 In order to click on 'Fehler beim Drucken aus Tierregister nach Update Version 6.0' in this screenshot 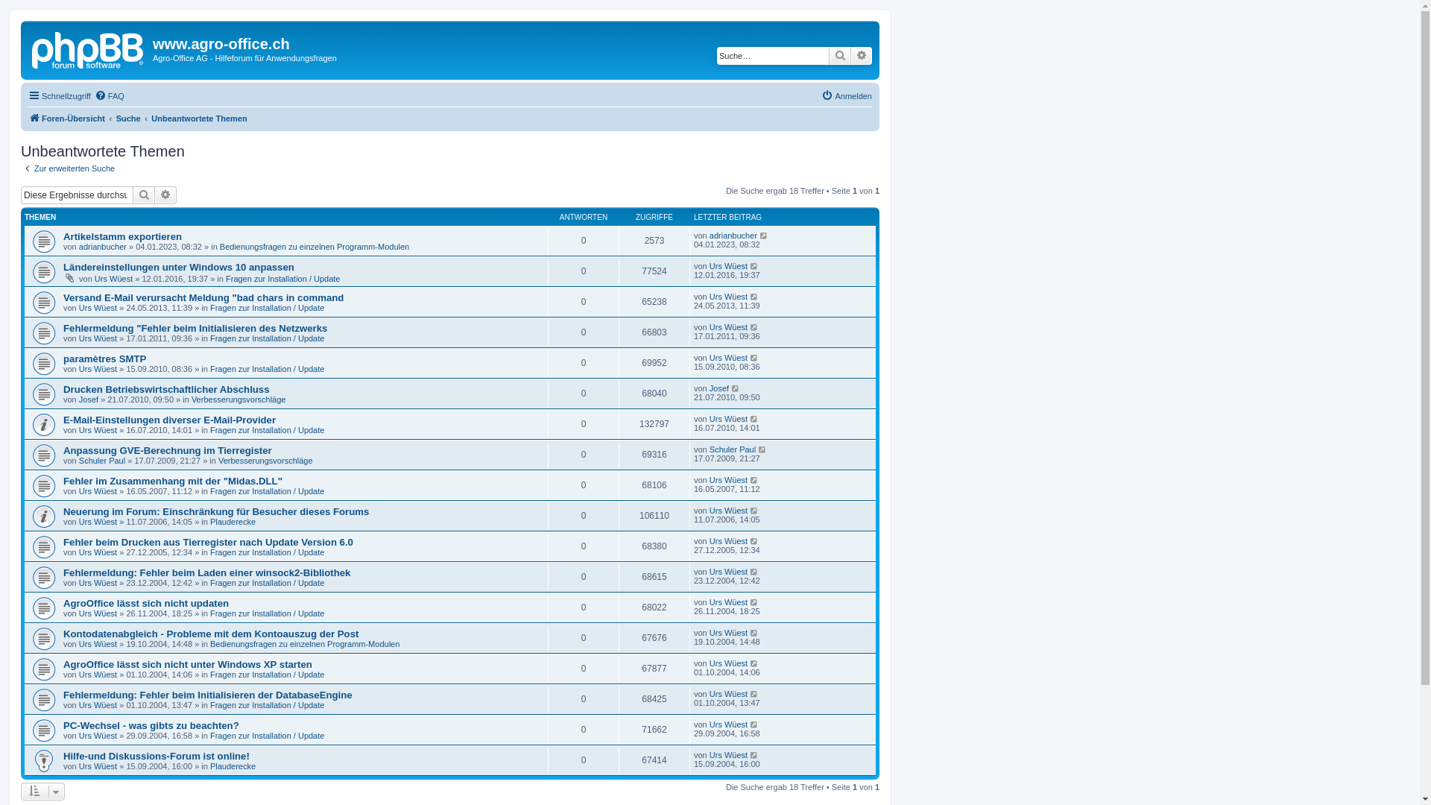, I will do `click(207, 542)`.